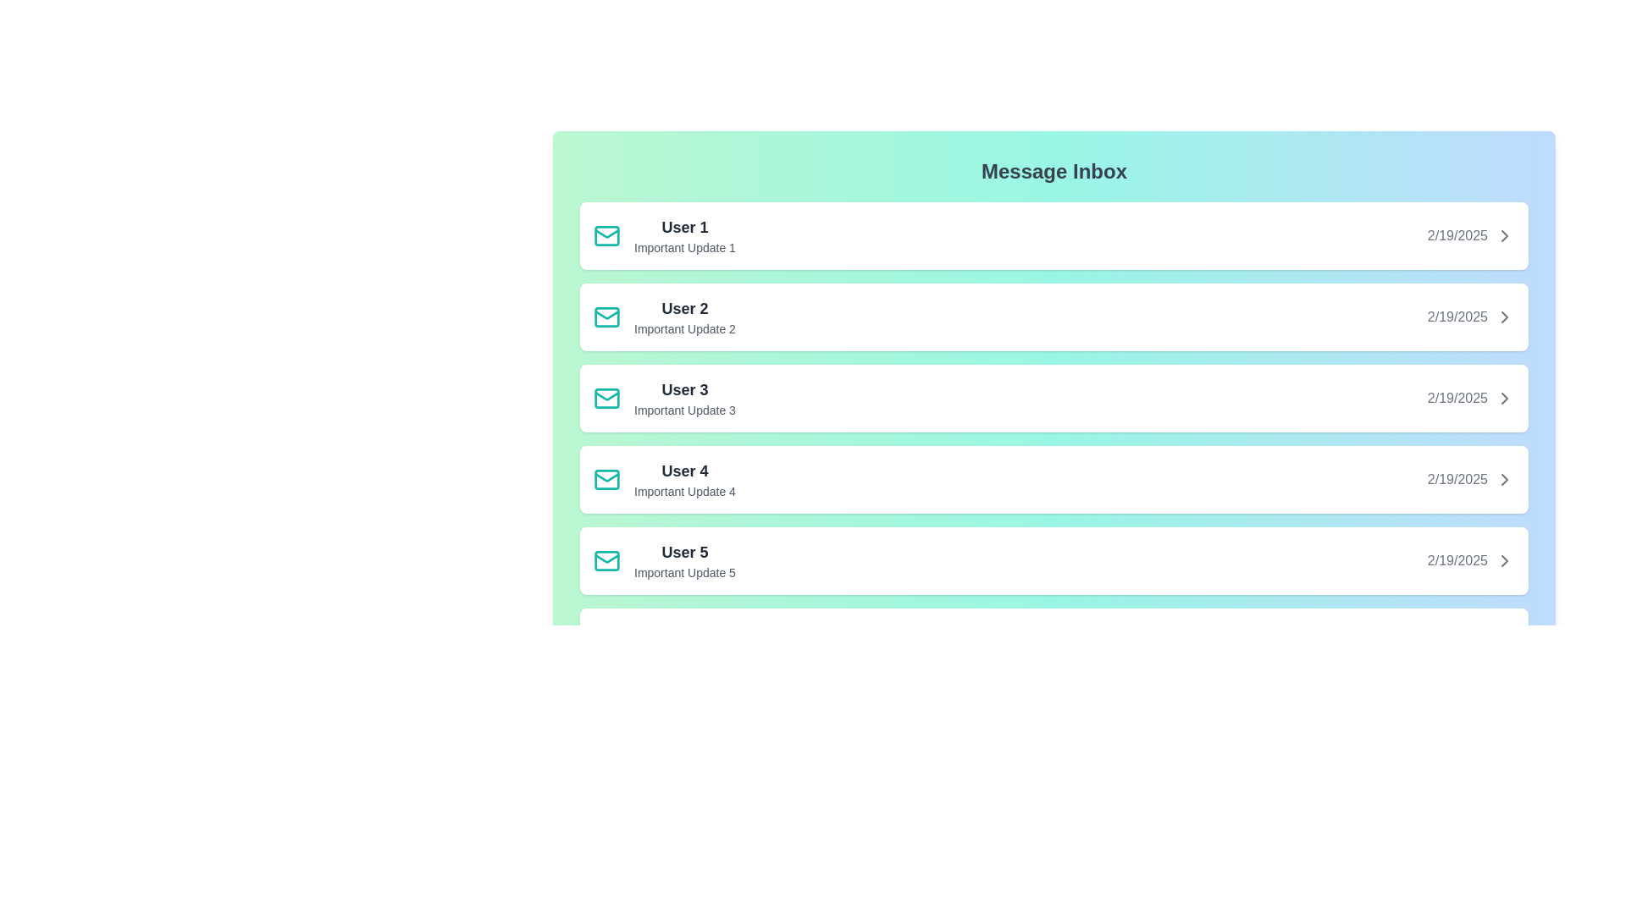  I want to click on icon next to the message from User 1 to perform an action, so click(606, 235).